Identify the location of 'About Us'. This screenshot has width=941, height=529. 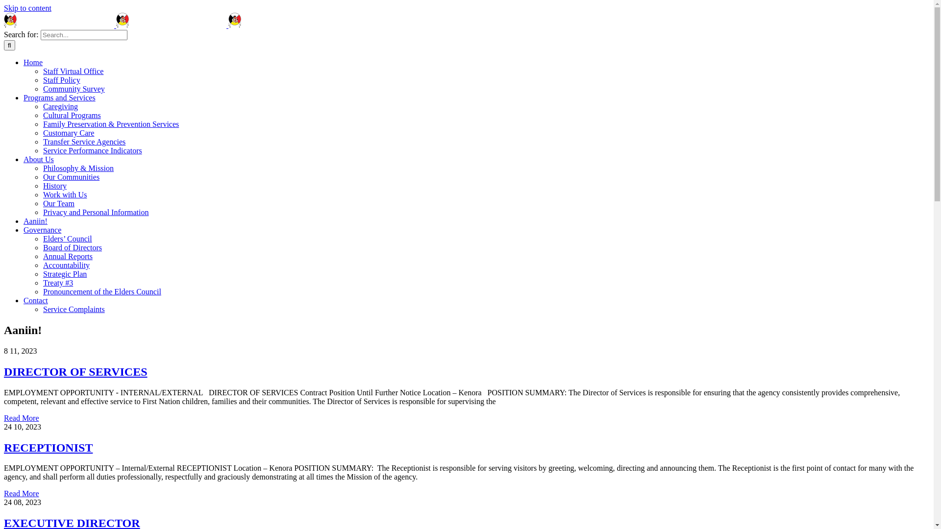
(38, 159).